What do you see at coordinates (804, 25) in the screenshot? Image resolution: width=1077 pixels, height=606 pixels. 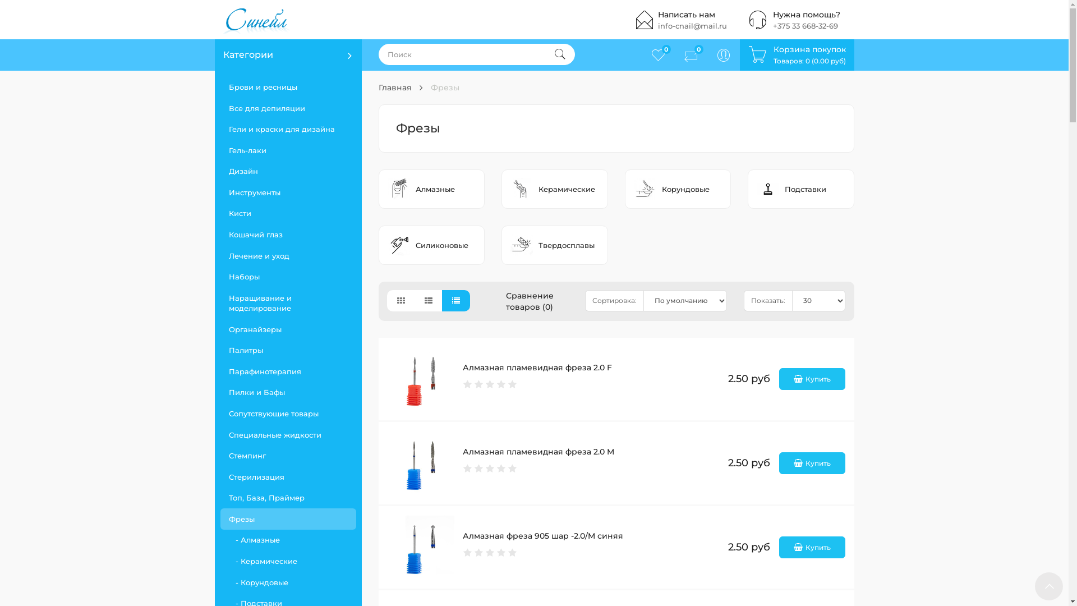 I see `'+375 33 668-32-69'` at bounding box center [804, 25].